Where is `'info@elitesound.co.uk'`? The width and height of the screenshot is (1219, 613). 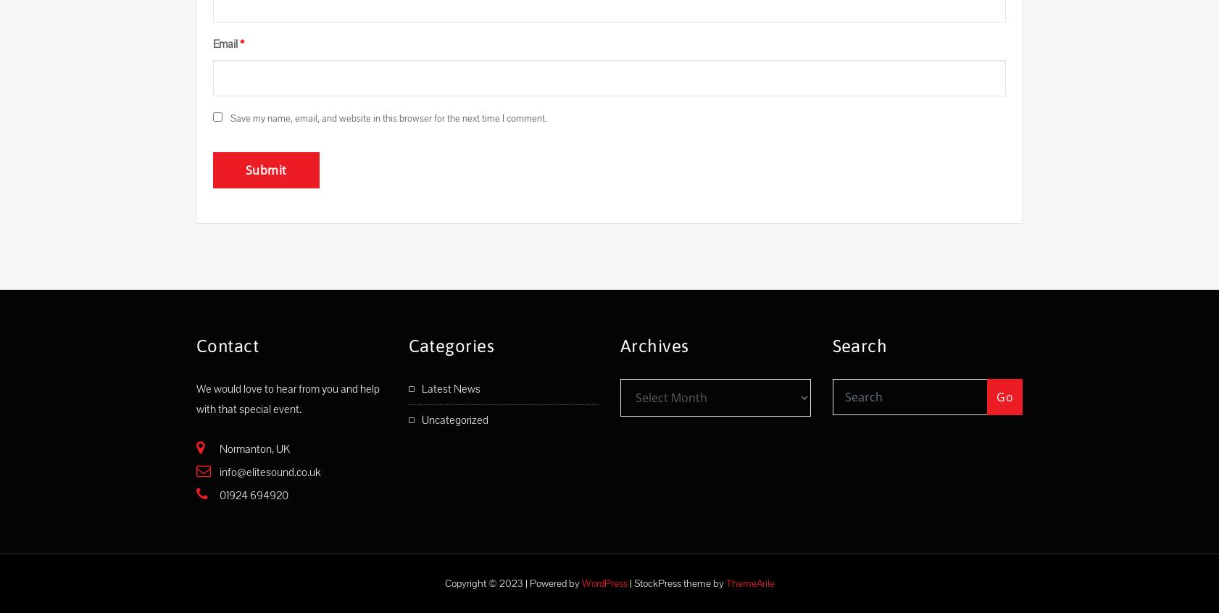 'info@elitesound.co.uk' is located at coordinates (269, 471).